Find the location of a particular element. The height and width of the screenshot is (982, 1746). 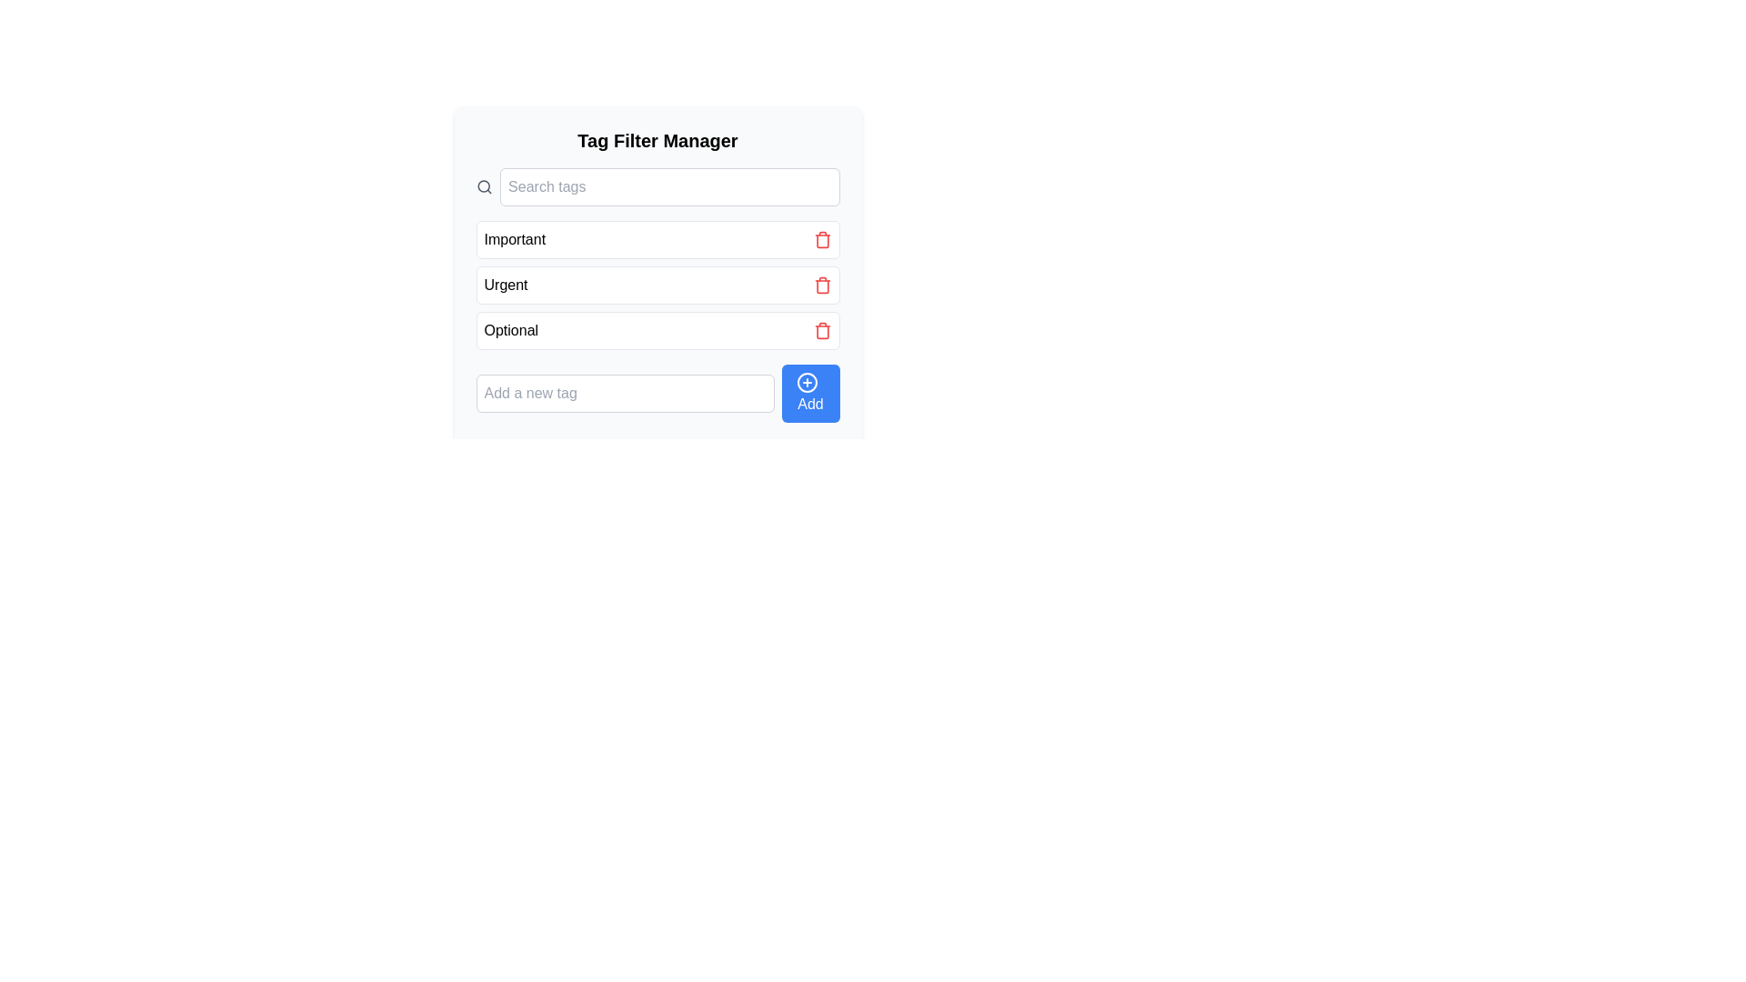

the submit button located at the far-right side of the layout to observe hover effects is located at coordinates (809, 392).